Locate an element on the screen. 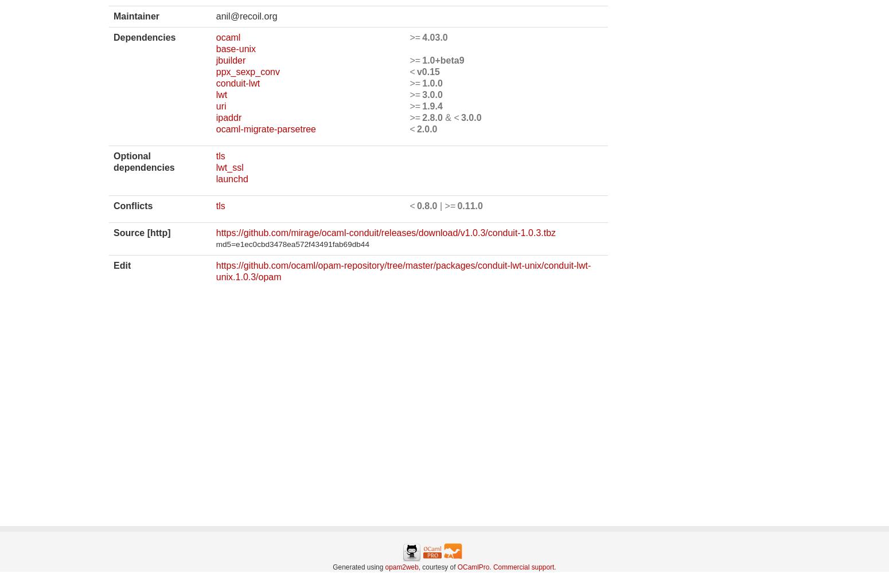  '2.0.0' is located at coordinates (416, 128).